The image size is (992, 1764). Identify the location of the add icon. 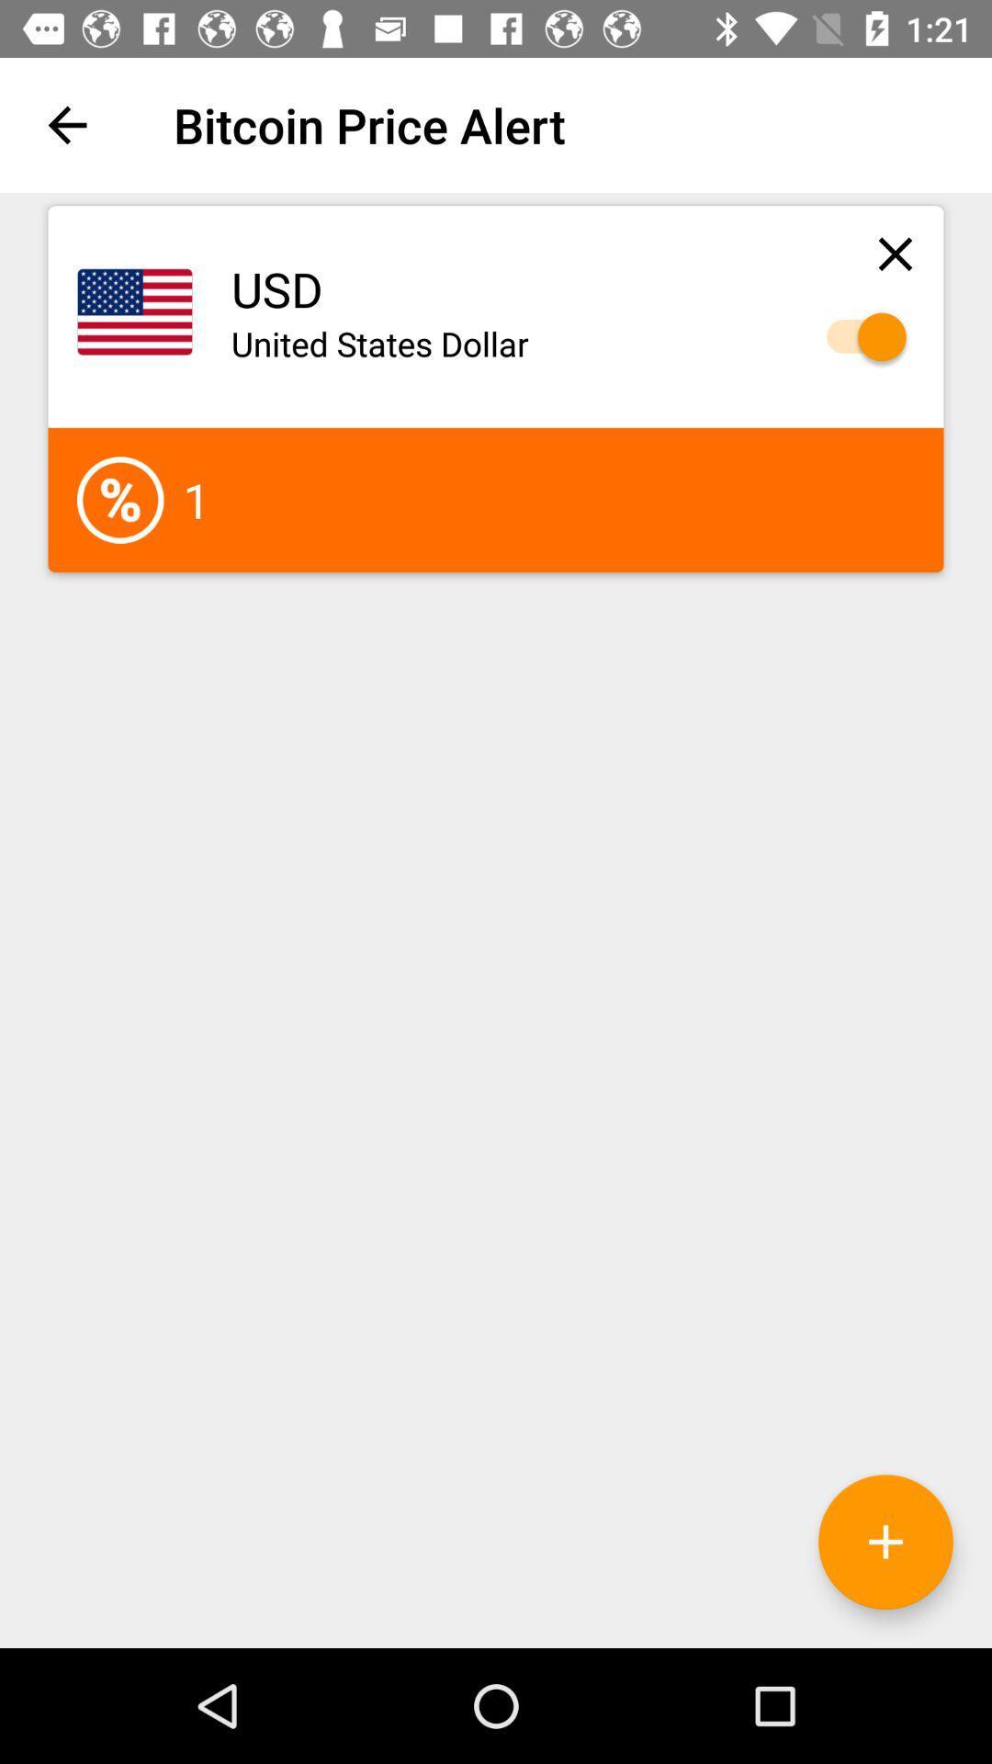
(885, 1542).